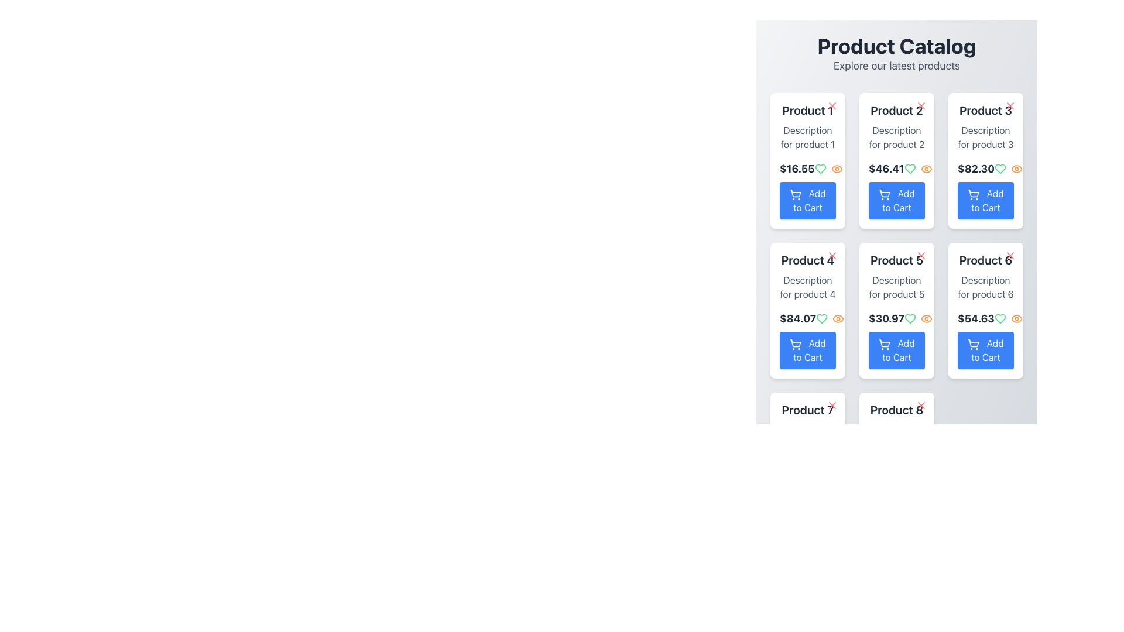 This screenshot has height=632, width=1124. What do you see at coordinates (807, 137) in the screenshot?
I see `the non-editable text field displaying 'Description for product 1' in gray color, located within the product card for 'Product 1'` at bounding box center [807, 137].